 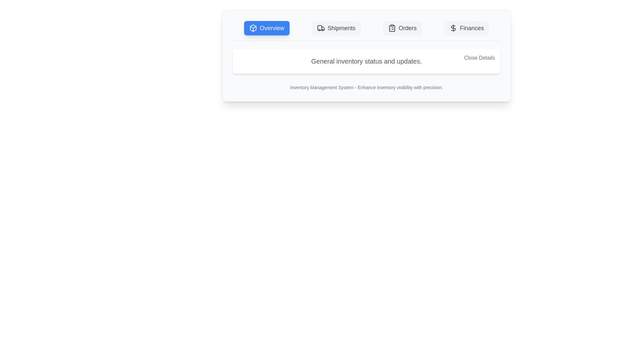 What do you see at coordinates (402, 28) in the screenshot?
I see `the tab labeled Orders to switch the content view` at bounding box center [402, 28].